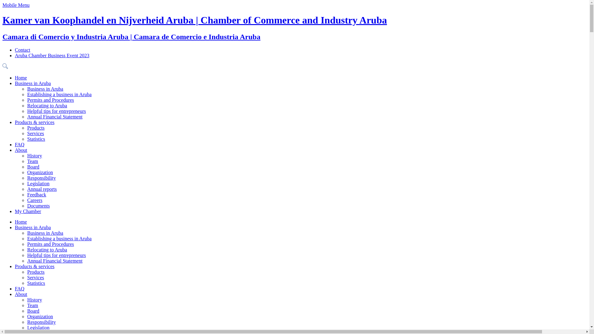 The width and height of the screenshot is (594, 334). What do you see at coordinates (50, 100) in the screenshot?
I see `'Permits and Procedures'` at bounding box center [50, 100].